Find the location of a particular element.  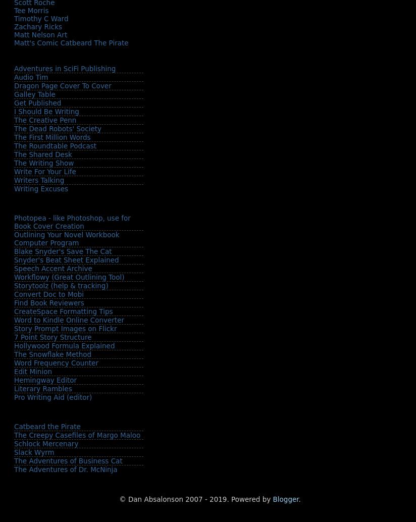

'Hollywood Formula Explained' is located at coordinates (14, 345).